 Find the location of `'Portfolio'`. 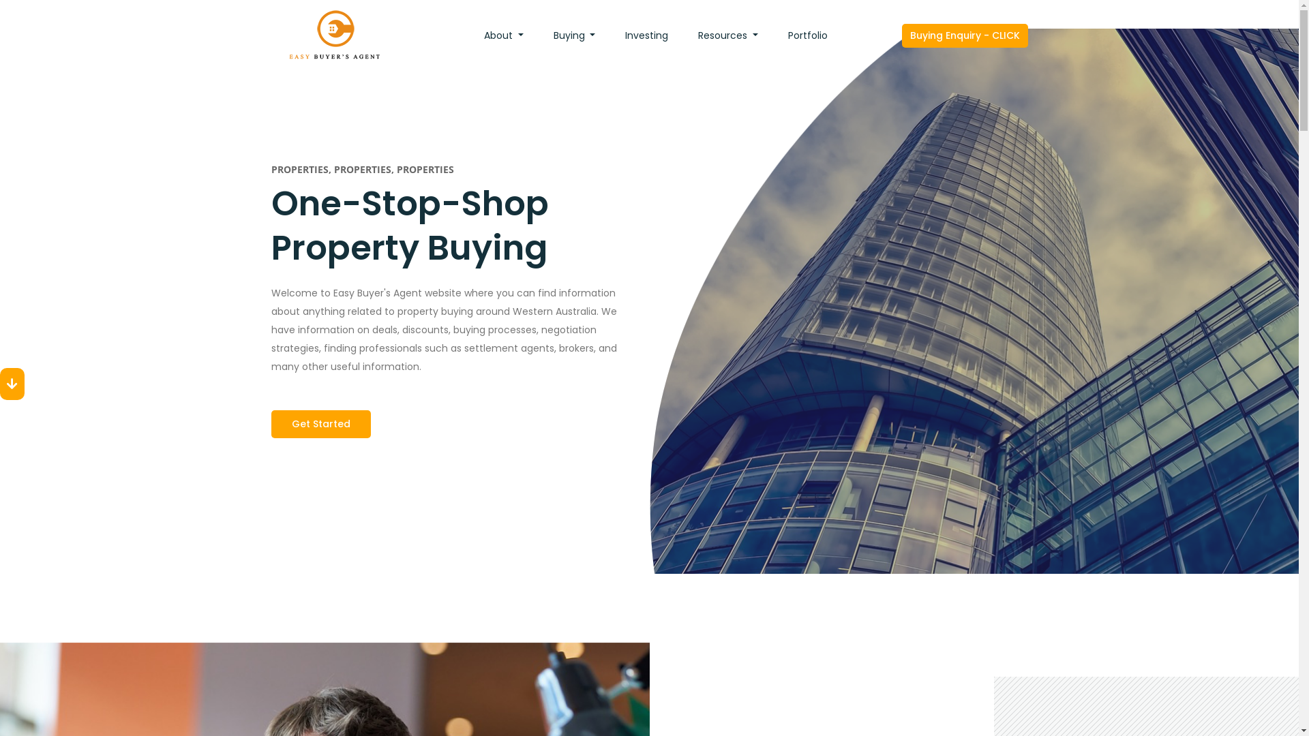

'Portfolio' is located at coordinates (808, 35).